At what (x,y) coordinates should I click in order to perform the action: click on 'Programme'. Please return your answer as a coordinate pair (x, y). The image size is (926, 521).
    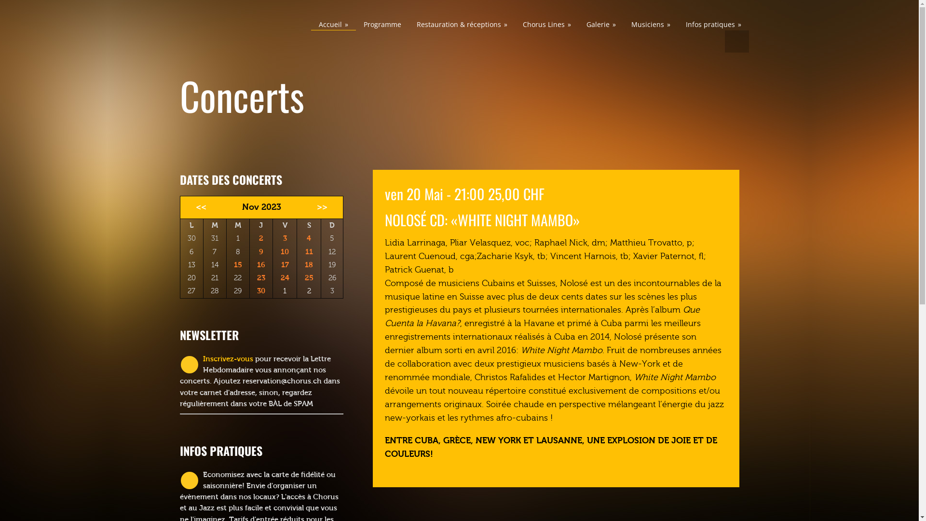
    Looking at the image, I should click on (381, 24).